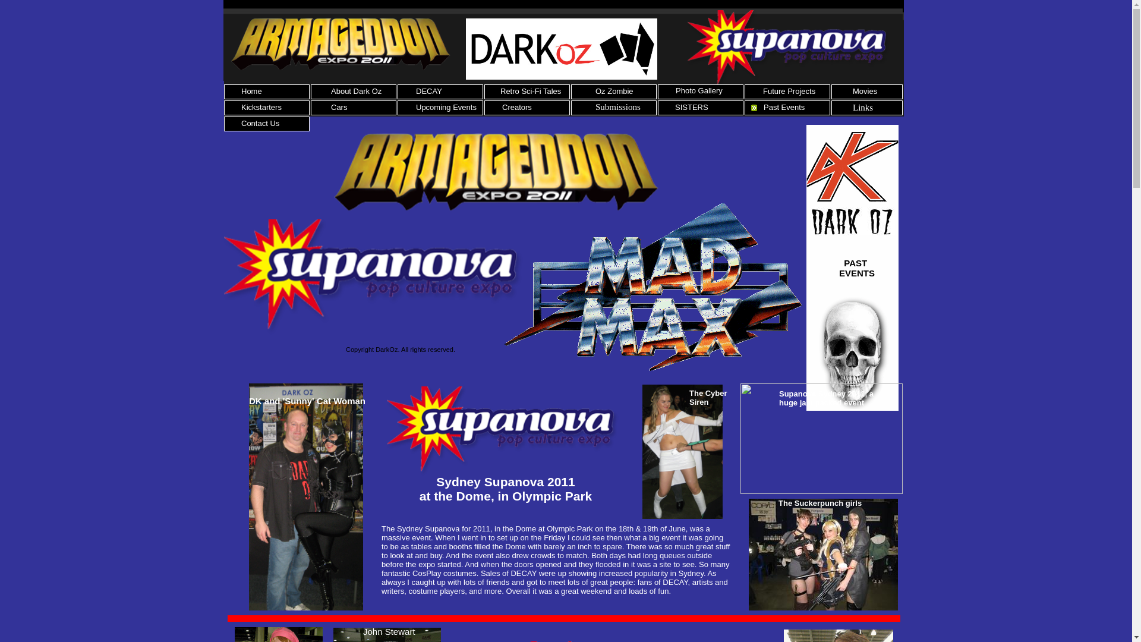 The height and width of the screenshot is (642, 1141). I want to click on 'Home', so click(241, 90).